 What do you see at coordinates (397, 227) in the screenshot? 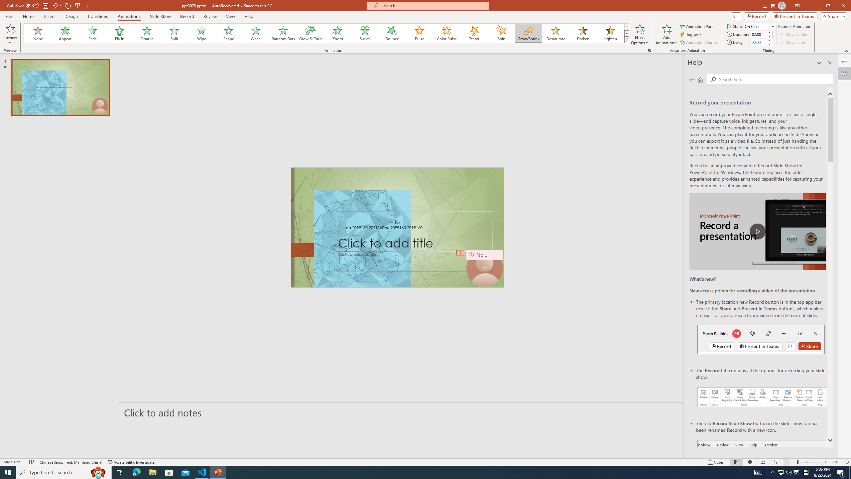
I see `'An abstract genetic concept'` at bounding box center [397, 227].